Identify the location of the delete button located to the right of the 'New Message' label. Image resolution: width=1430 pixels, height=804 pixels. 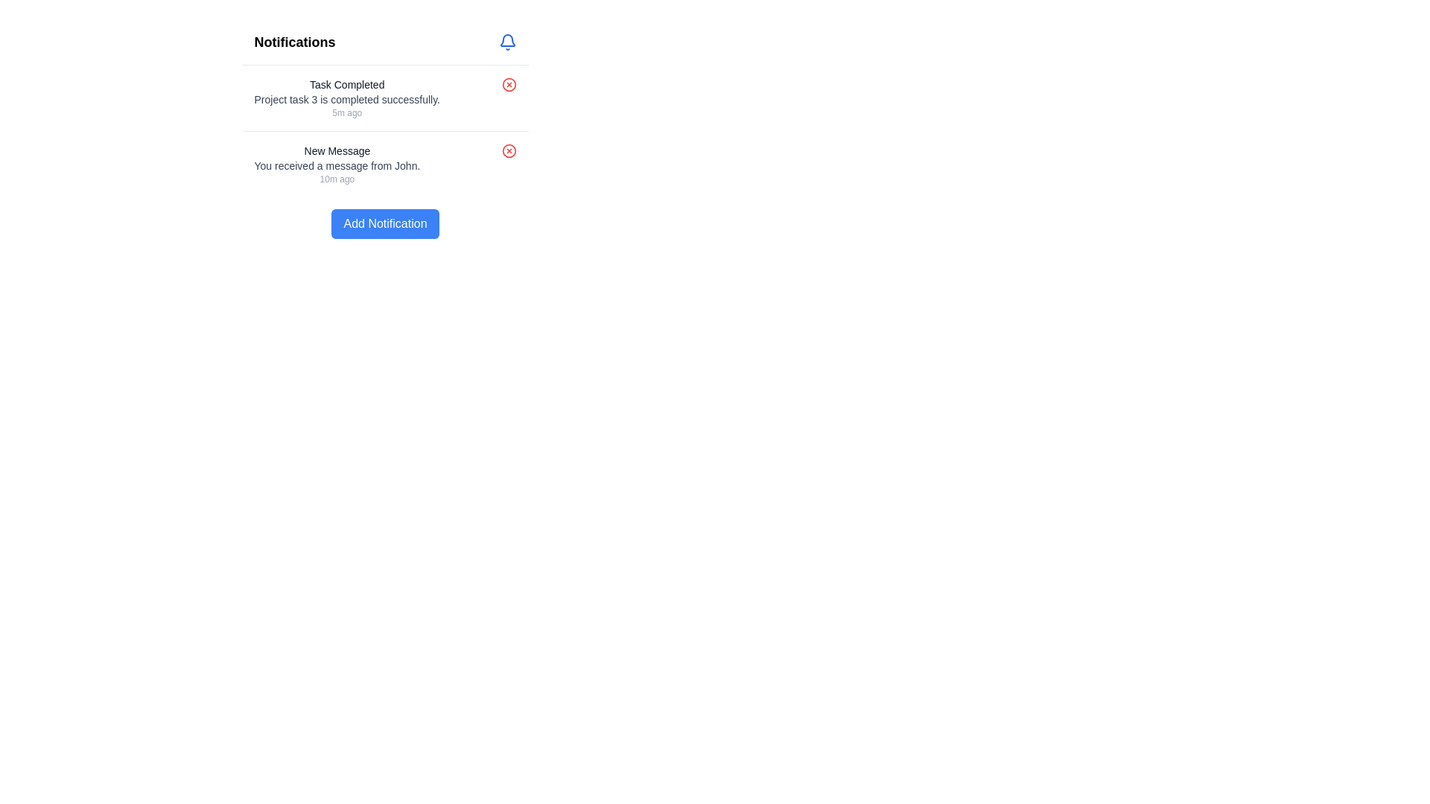
(509, 151).